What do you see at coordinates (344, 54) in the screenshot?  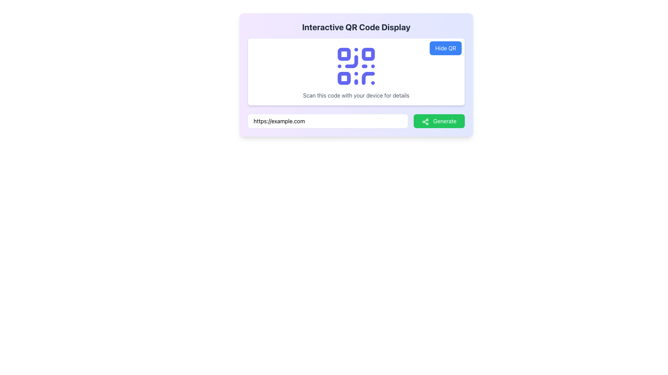 I see `the top-left square of the QR code pattern, which is part of the 'Interactive QR Code Display' component` at bounding box center [344, 54].